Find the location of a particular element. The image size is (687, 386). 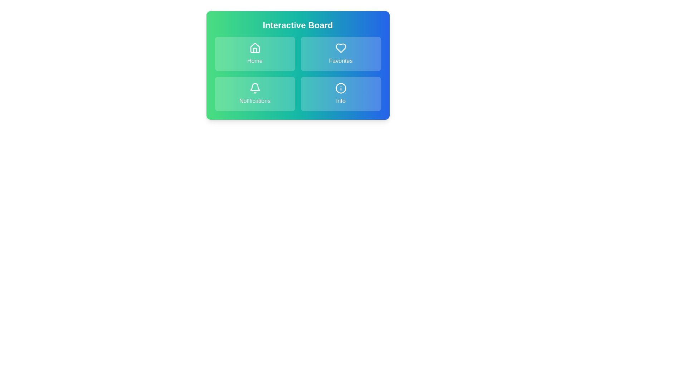

text label that displays 'Home' in white, located below the house icon in the top-left quadrant of the 'Interactive Board' grid layout is located at coordinates (255, 60).